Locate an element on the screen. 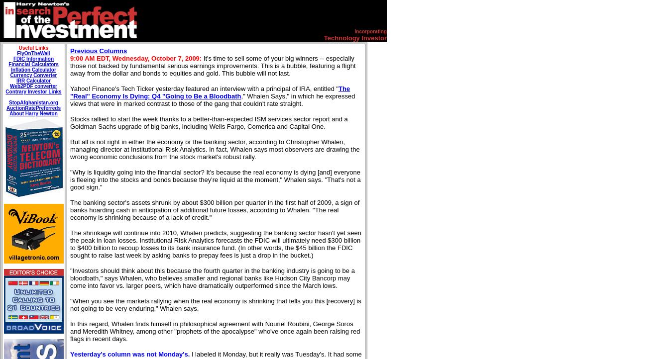 The width and height of the screenshot is (672, 359). 'AuctionRatePreferreds' is located at coordinates (5, 107).